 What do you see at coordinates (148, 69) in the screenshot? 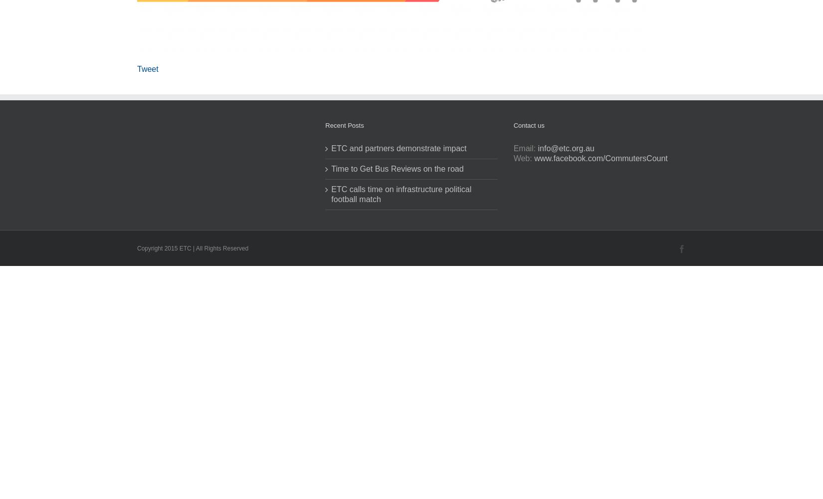
I see `'Tweet'` at bounding box center [148, 69].